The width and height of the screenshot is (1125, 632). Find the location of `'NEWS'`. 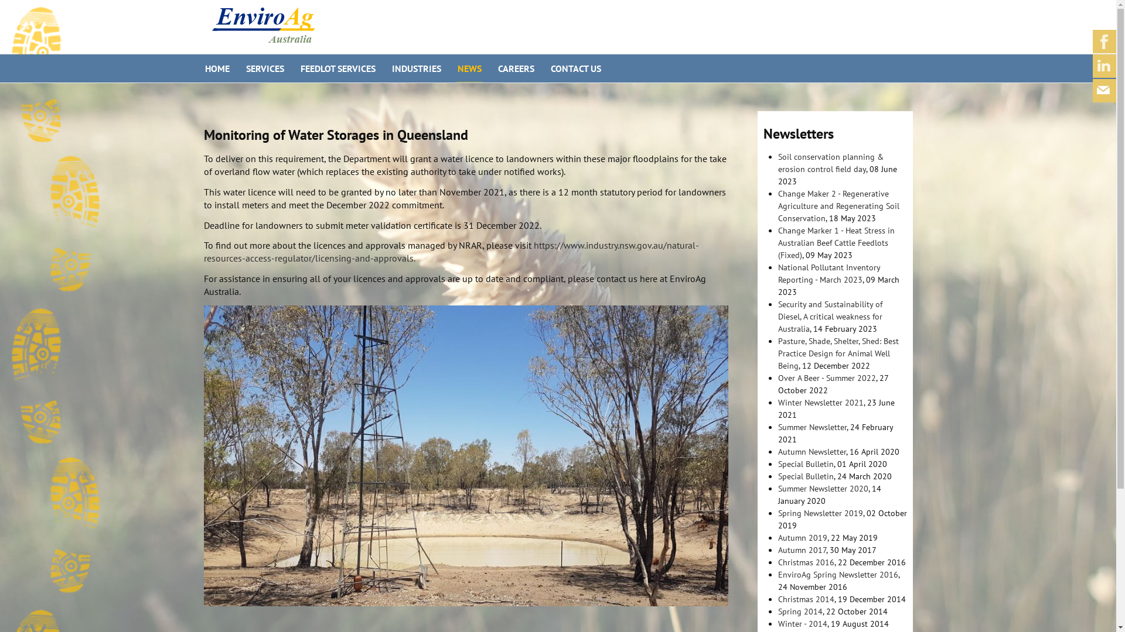

'NEWS' is located at coordinates (469, 68).